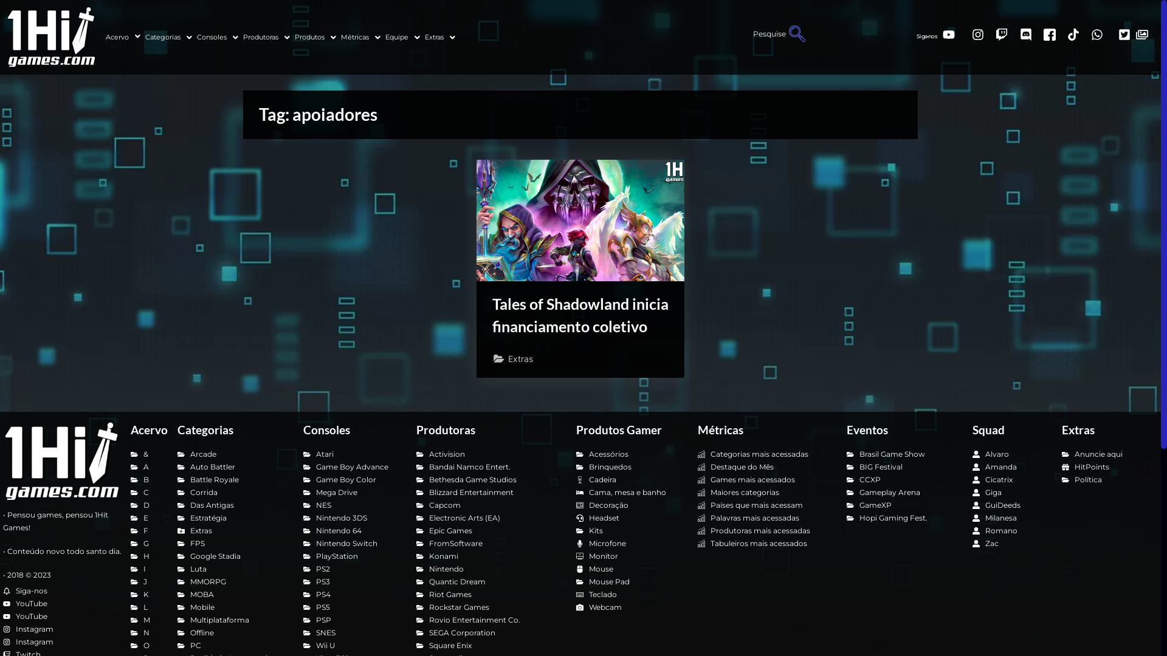 This screenshot has width=1167, height=656. What do you see at coordinates (765, 479) in the screenshot?
I see `'Games mais acessados'` at bounding box center [765, 479].